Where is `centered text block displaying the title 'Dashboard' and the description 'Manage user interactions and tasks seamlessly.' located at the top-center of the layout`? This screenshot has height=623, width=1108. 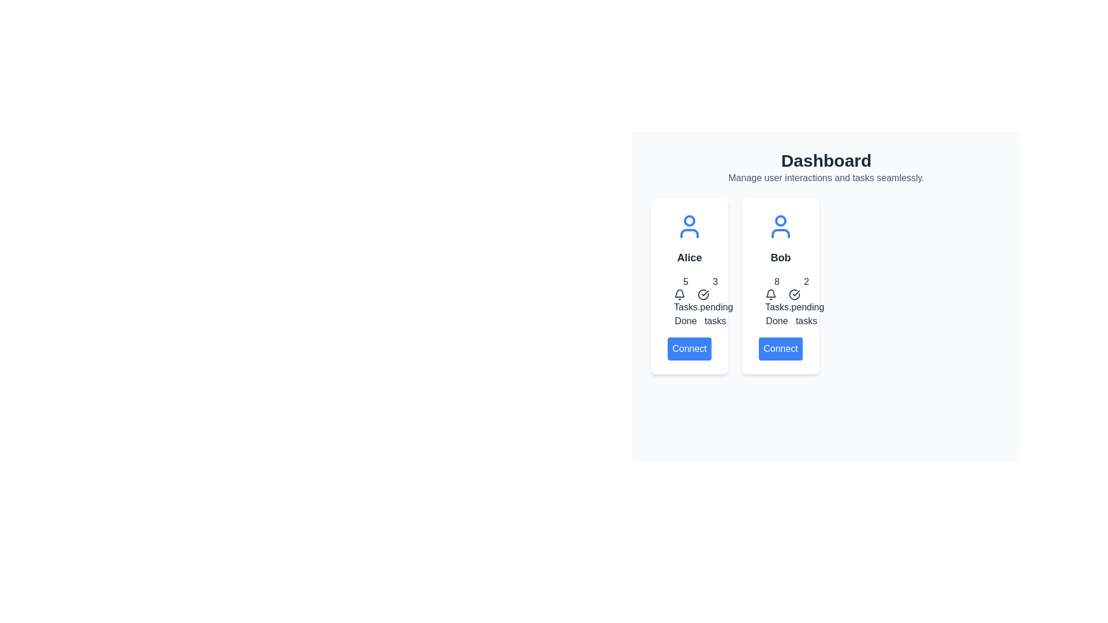 centered text block displaying the title 'Dashboard' and the description 'Manage user interactions and tasks seamlessly.' located at the top-center of the layout is located at coordinates (825, 167).